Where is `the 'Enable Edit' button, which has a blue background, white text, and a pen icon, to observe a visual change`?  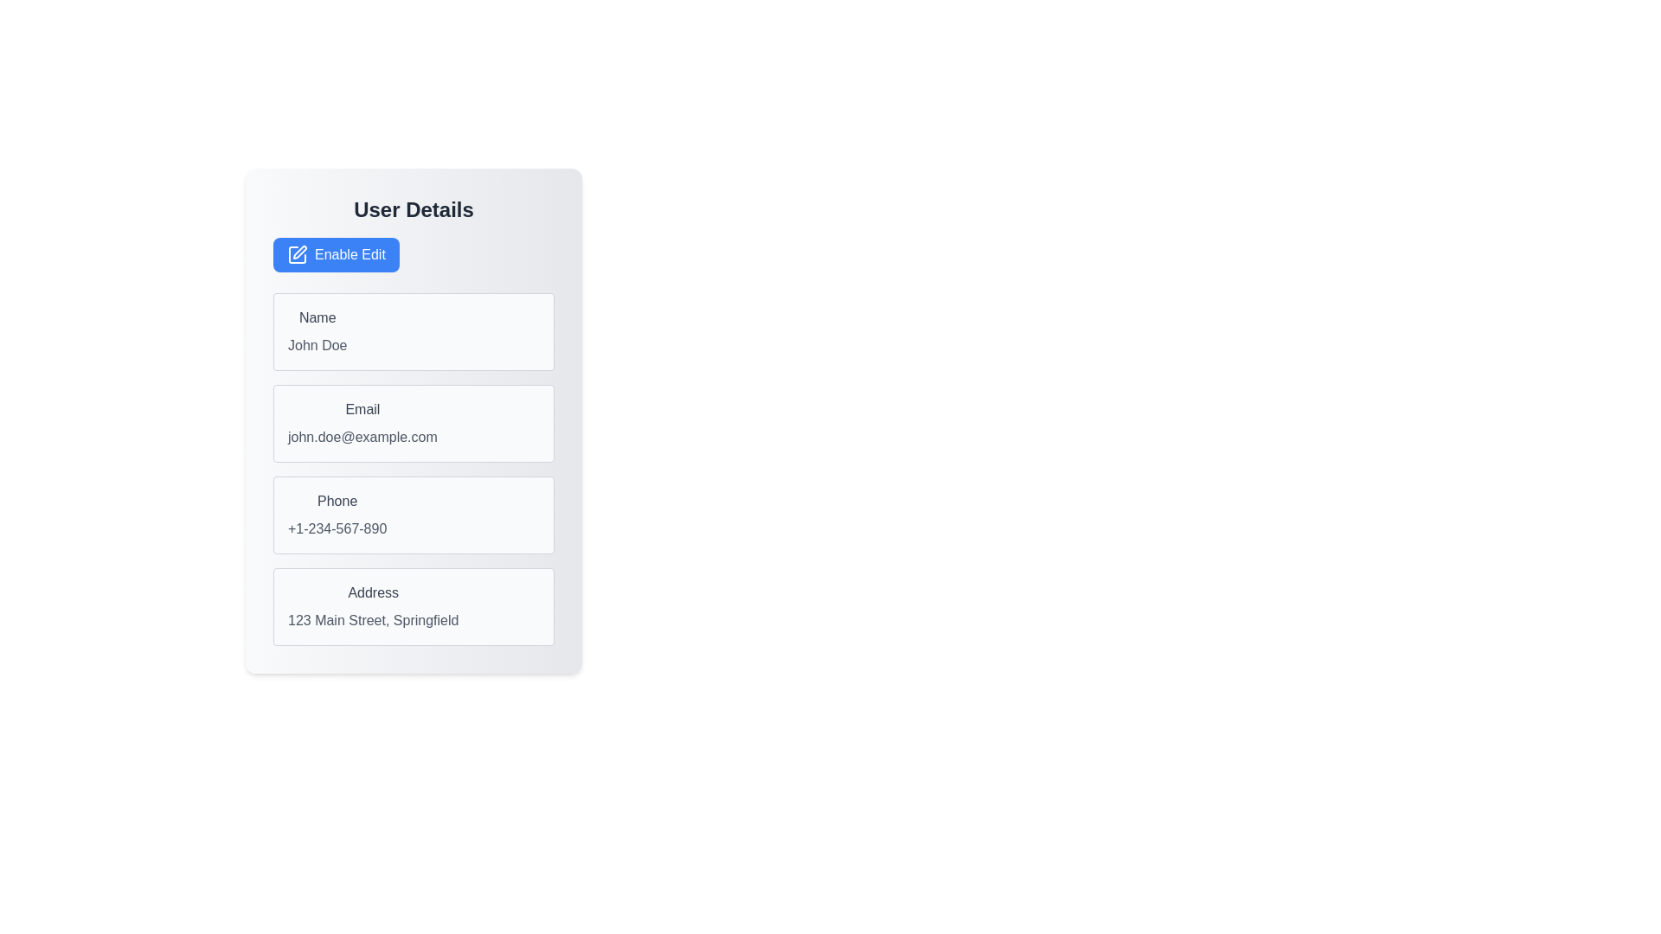
the 'Enable Edit' button, which has a blue background, white text, and a pen icon, to observe a visual change is located at coordinates (336, 254).